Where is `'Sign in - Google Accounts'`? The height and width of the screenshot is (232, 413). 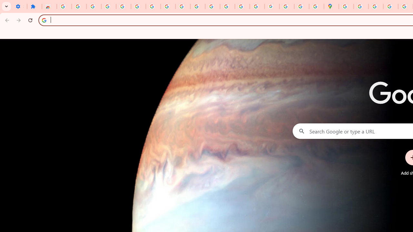
'Sign in - Google Accounts' is located at coordinates (64, 6).